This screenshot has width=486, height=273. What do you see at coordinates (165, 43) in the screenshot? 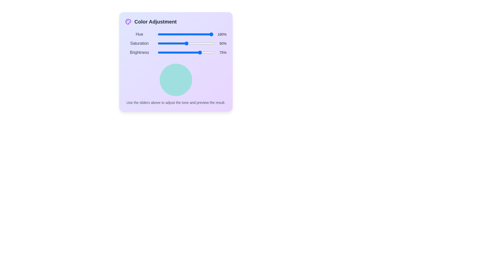
I see `the 'Saturation' slider to 13% by dragging the slider` at bounding box center [165, 43].